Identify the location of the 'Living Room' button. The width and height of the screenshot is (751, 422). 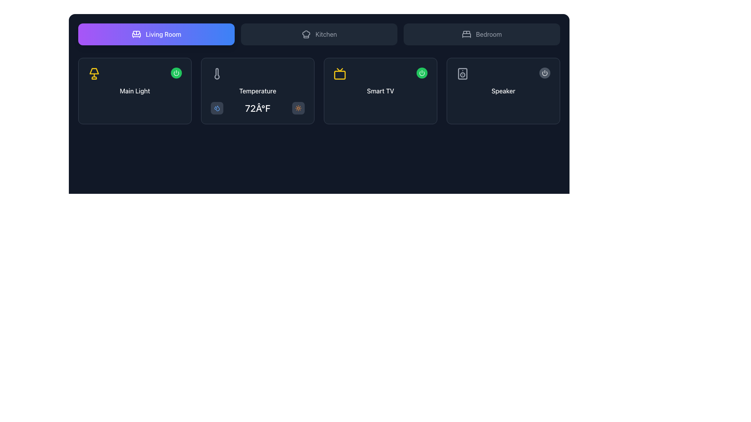
(156, 34).